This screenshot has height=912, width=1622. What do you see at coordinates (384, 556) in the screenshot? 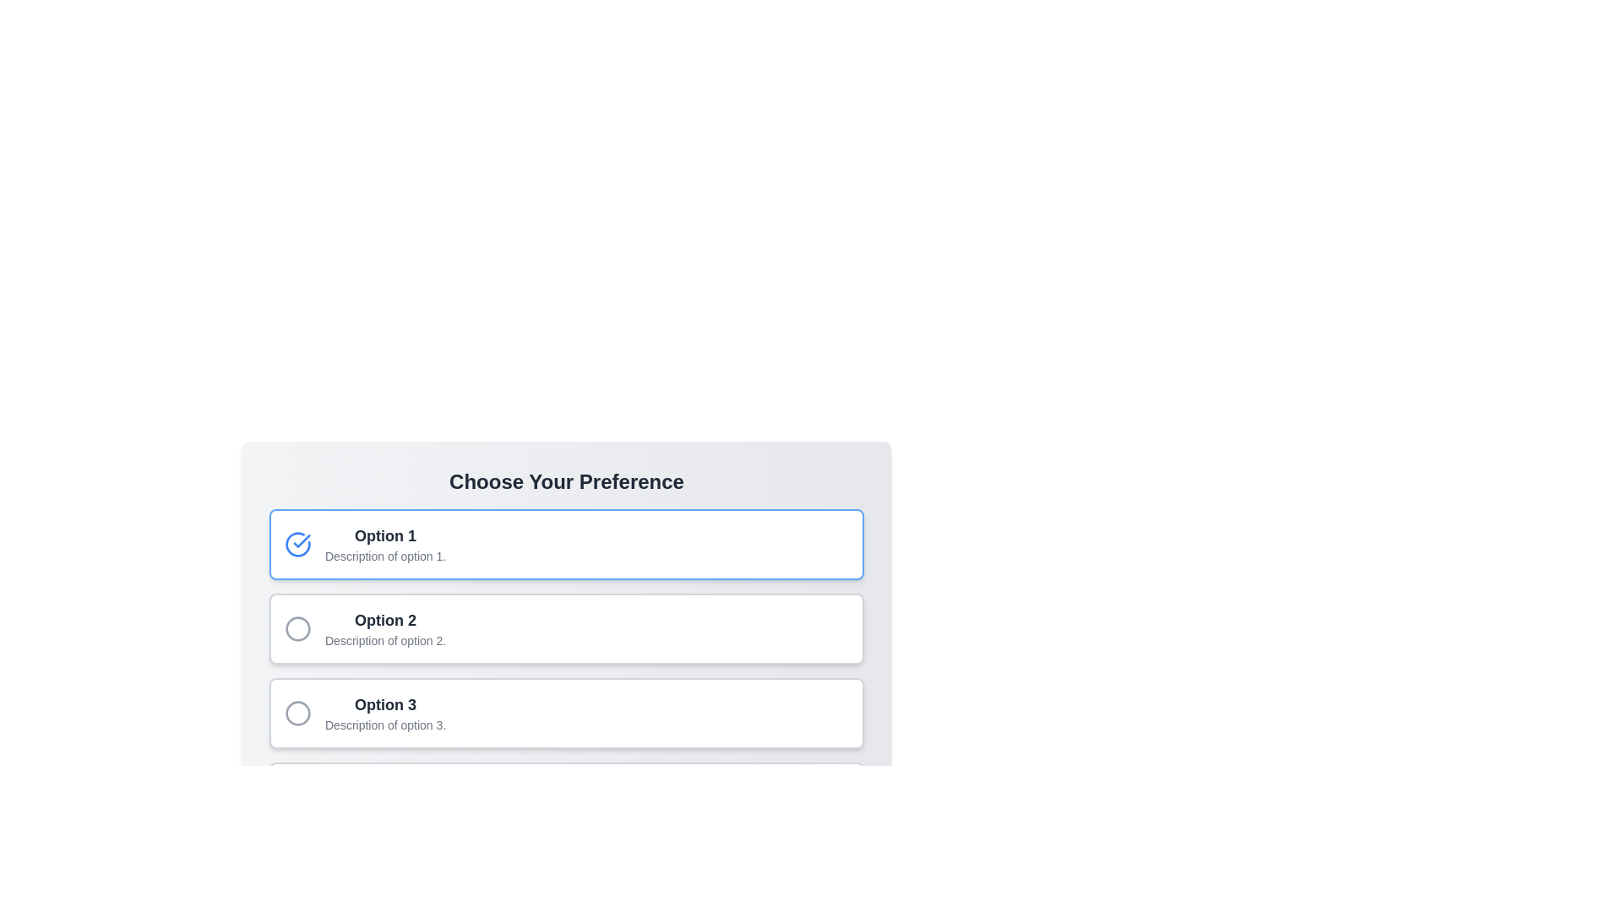
I see `the informational text element located directly underneath 'Option 1' within its card` at bounding box center [384, 556].